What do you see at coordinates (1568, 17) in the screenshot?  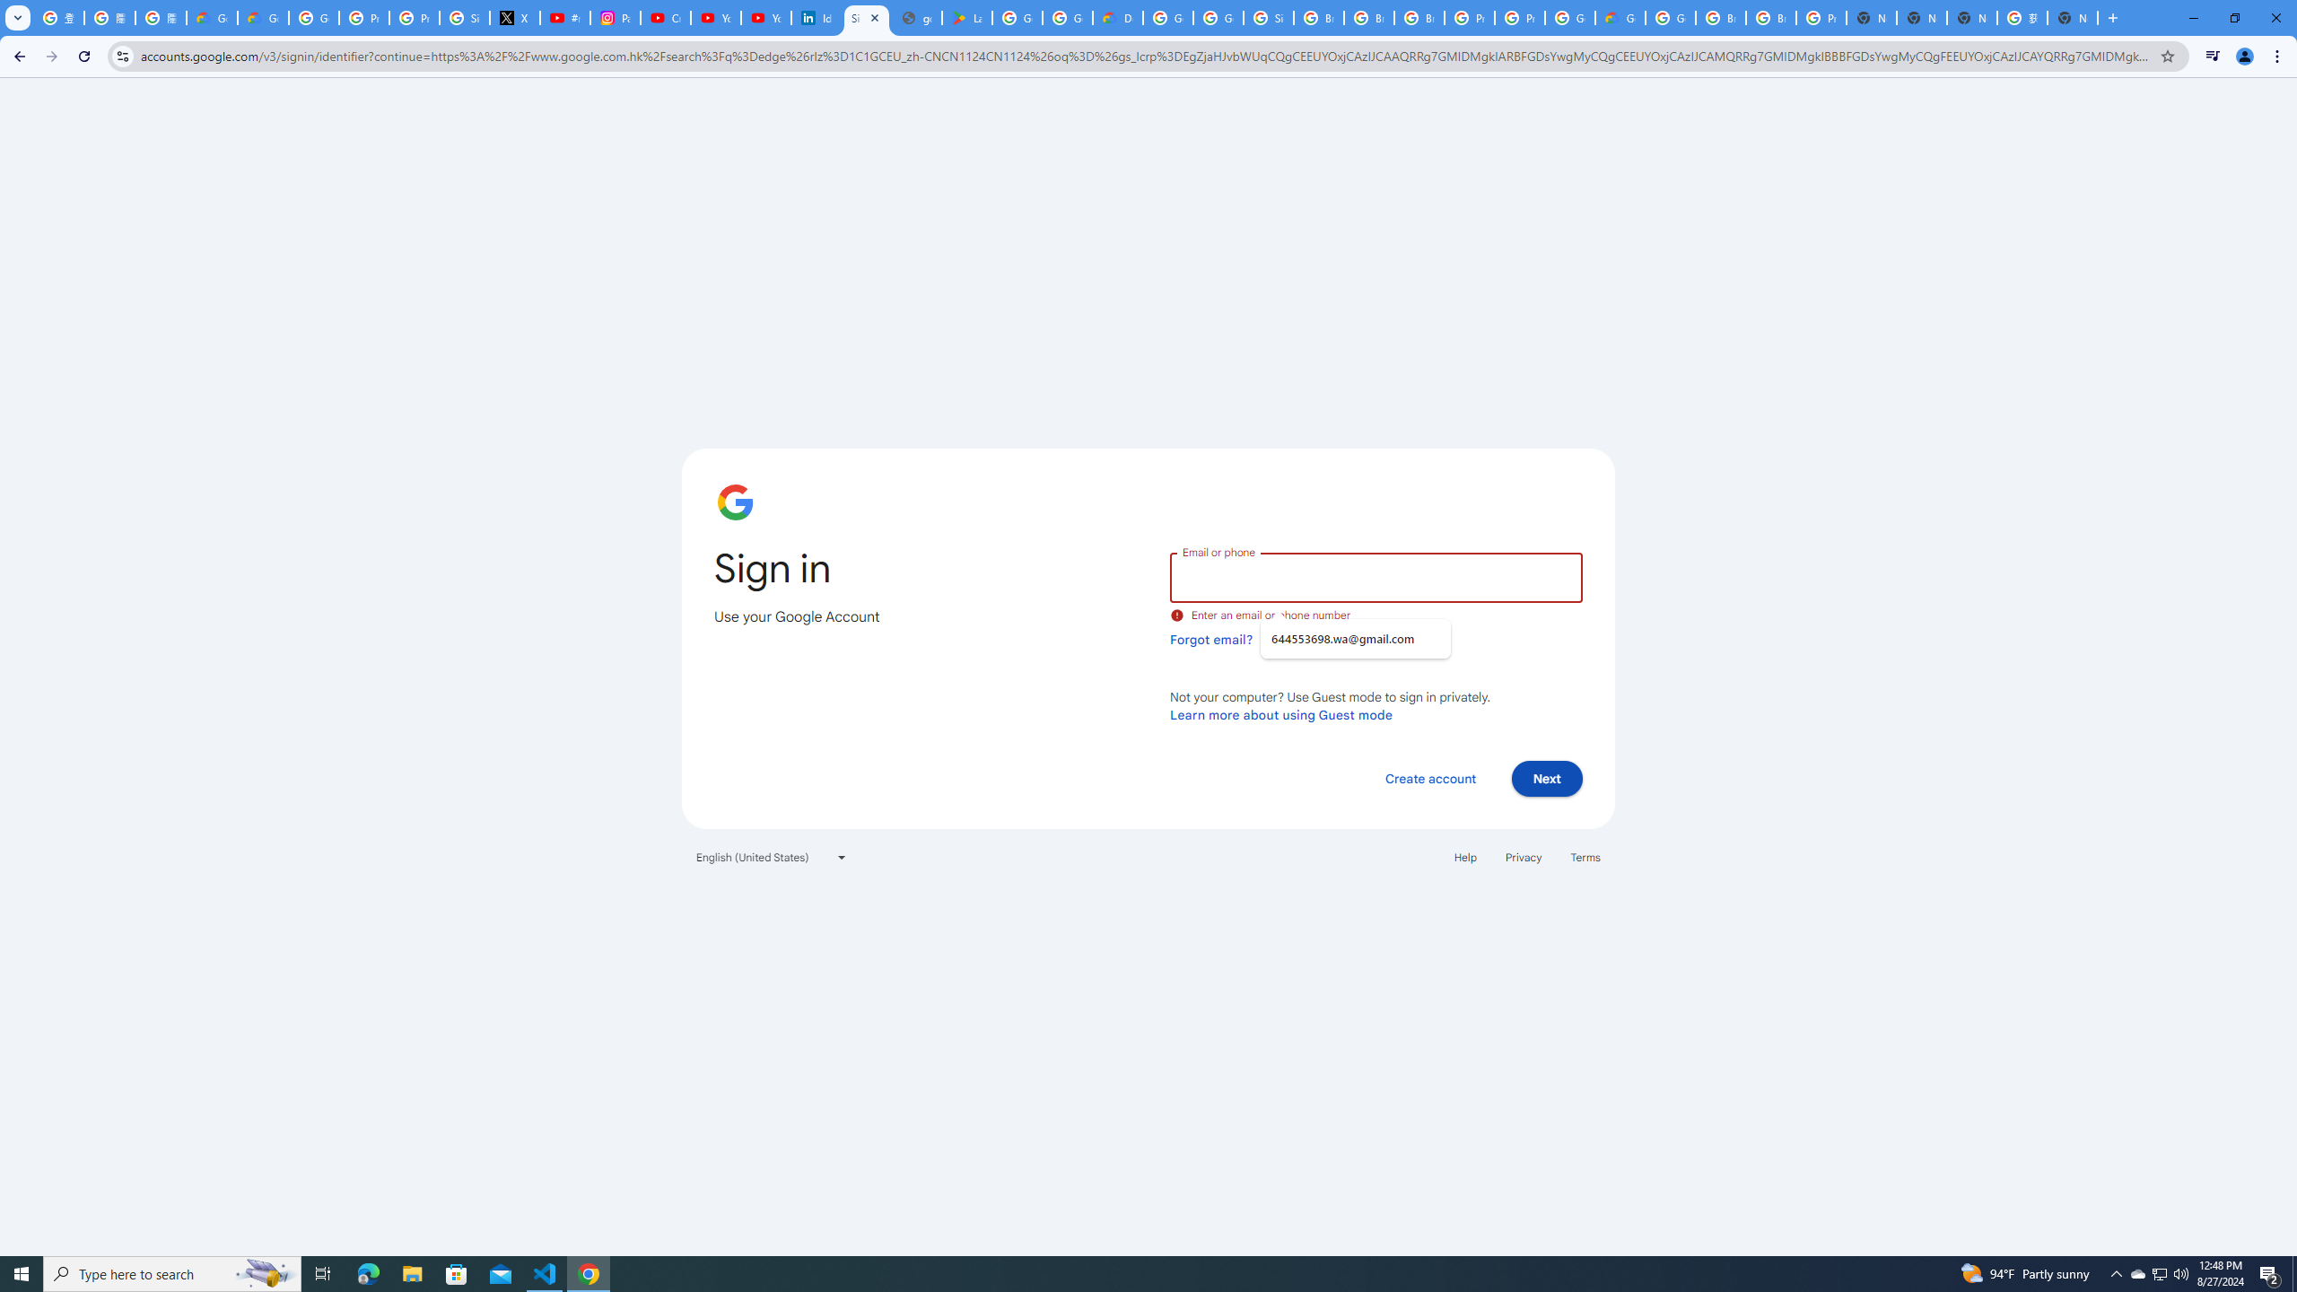 I see `'Google Cloud Platform'` at bounding box center [1568, 17].